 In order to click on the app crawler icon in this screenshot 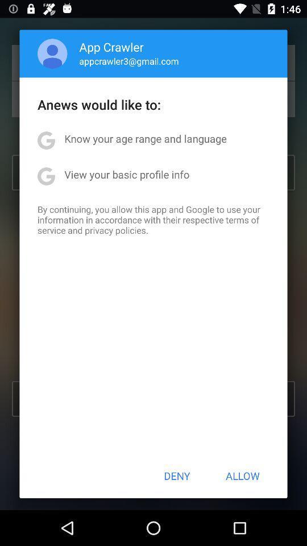, I will do `click(111, 47)`.